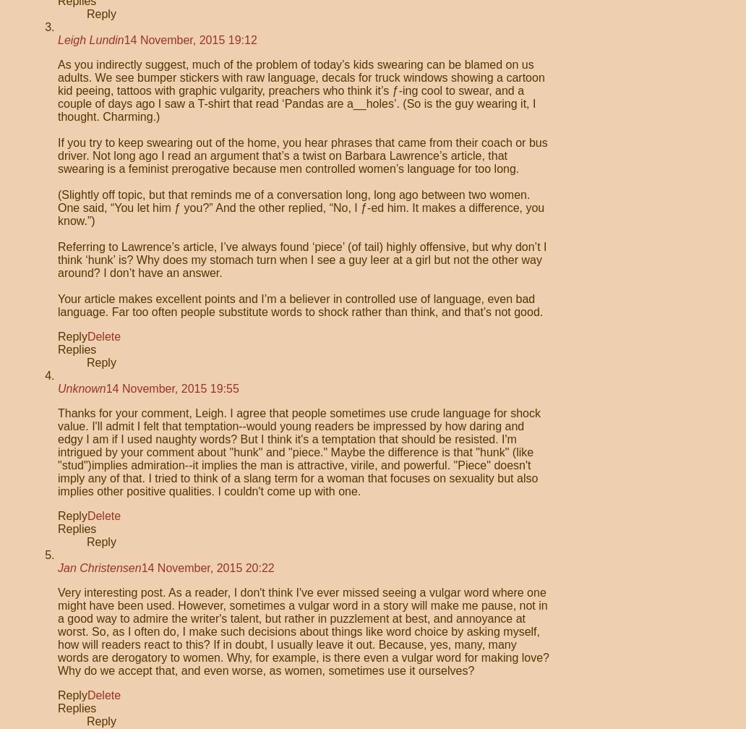 The image size is (746, 729). Describe the element at coordinates (301, 155) in the screenshot. I see `'If you try to keep swearing out of the home, you hear phrases that came from their coach or bus driver. Not long ago I read an argument that’s a twist on Barbara Lawrence’s article, that swearing is a feminist prerogative because men controlled women’s language for too long.'` at that location.